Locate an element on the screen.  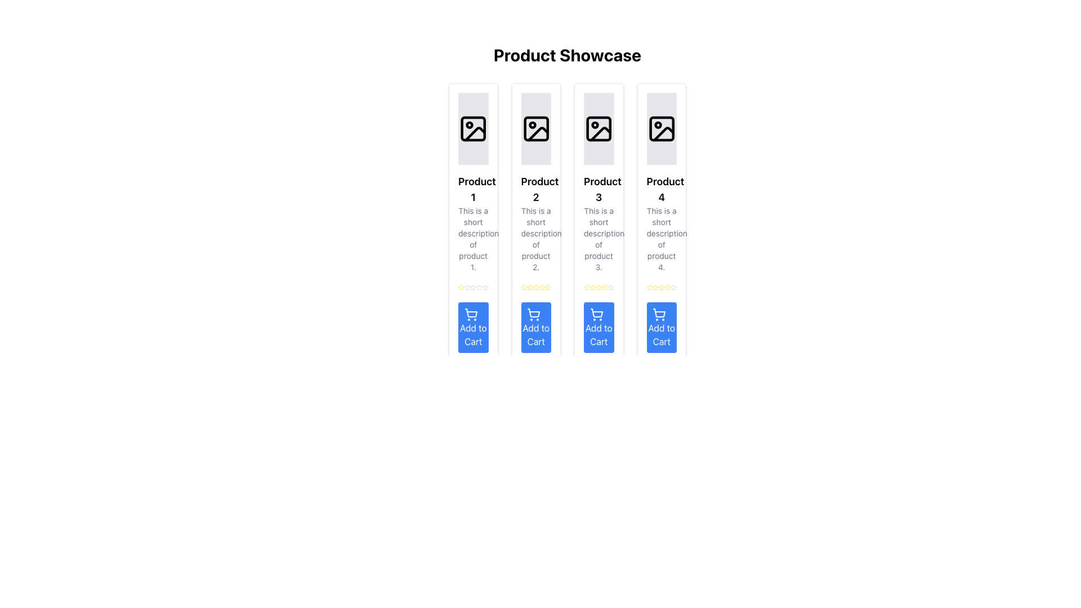
the first yellow star-shaped icon in the row of five stars below the product description of the first product card is located at coordinates (461, 287).